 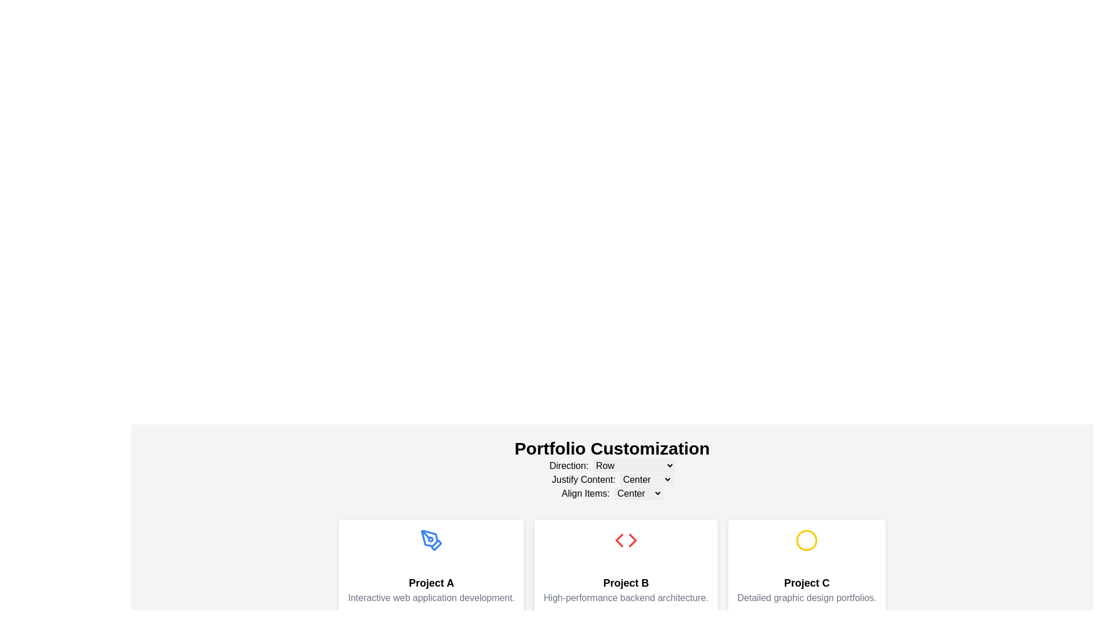 I want to click on visual design of the pen tool icon located at the center of the first card labeled 'Project A', so click(x=431, y=541).